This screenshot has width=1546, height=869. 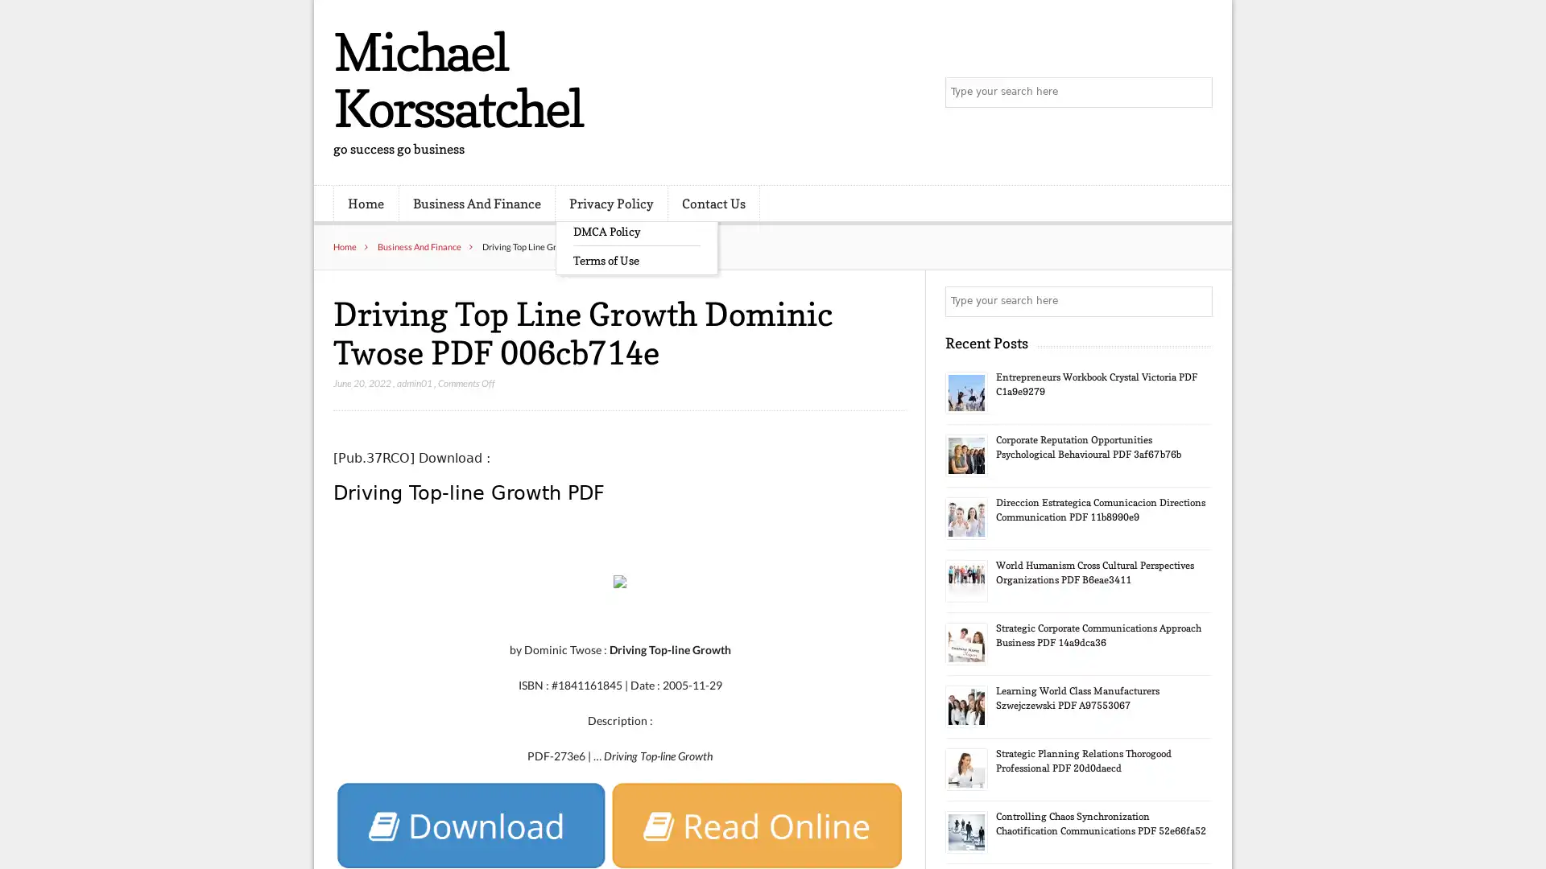 What do you see at coordinates (1196, 93) in the screenshot?
I see `Search` at bounding box center [1196, 93].